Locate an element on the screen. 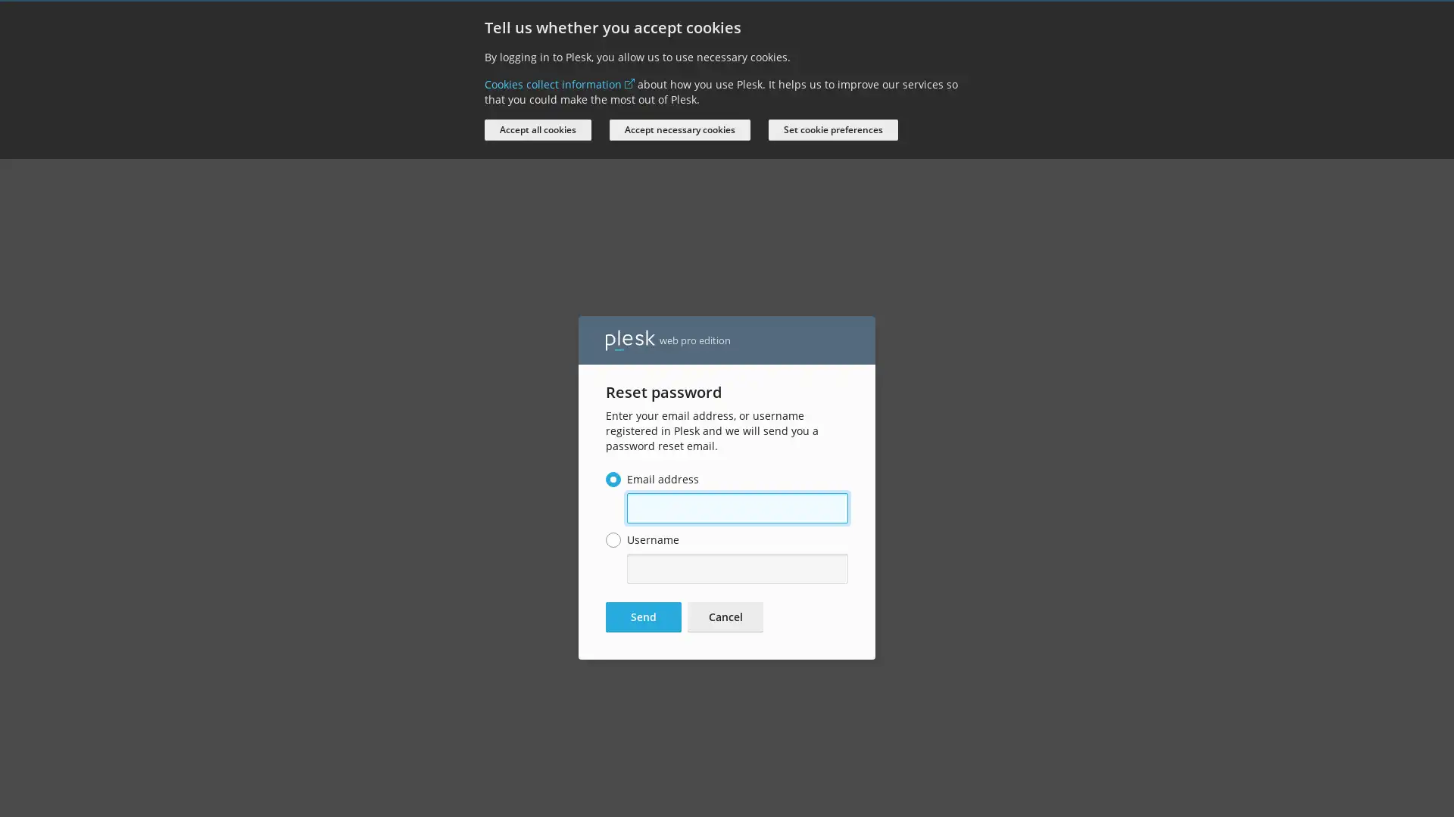 The height and width of the screenshot is (817, 1454). Set cookie preferences is located at coordinates (832, 129).